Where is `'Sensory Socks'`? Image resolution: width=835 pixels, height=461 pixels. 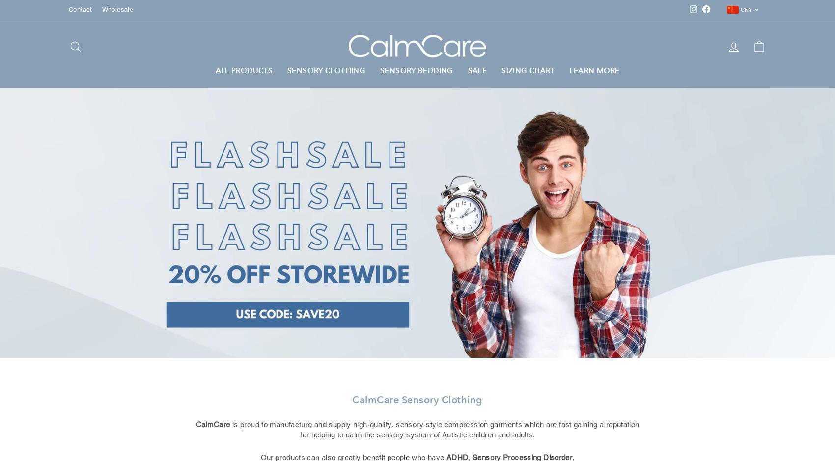 'Sensory Socks' is located at coordinates (312, 158).